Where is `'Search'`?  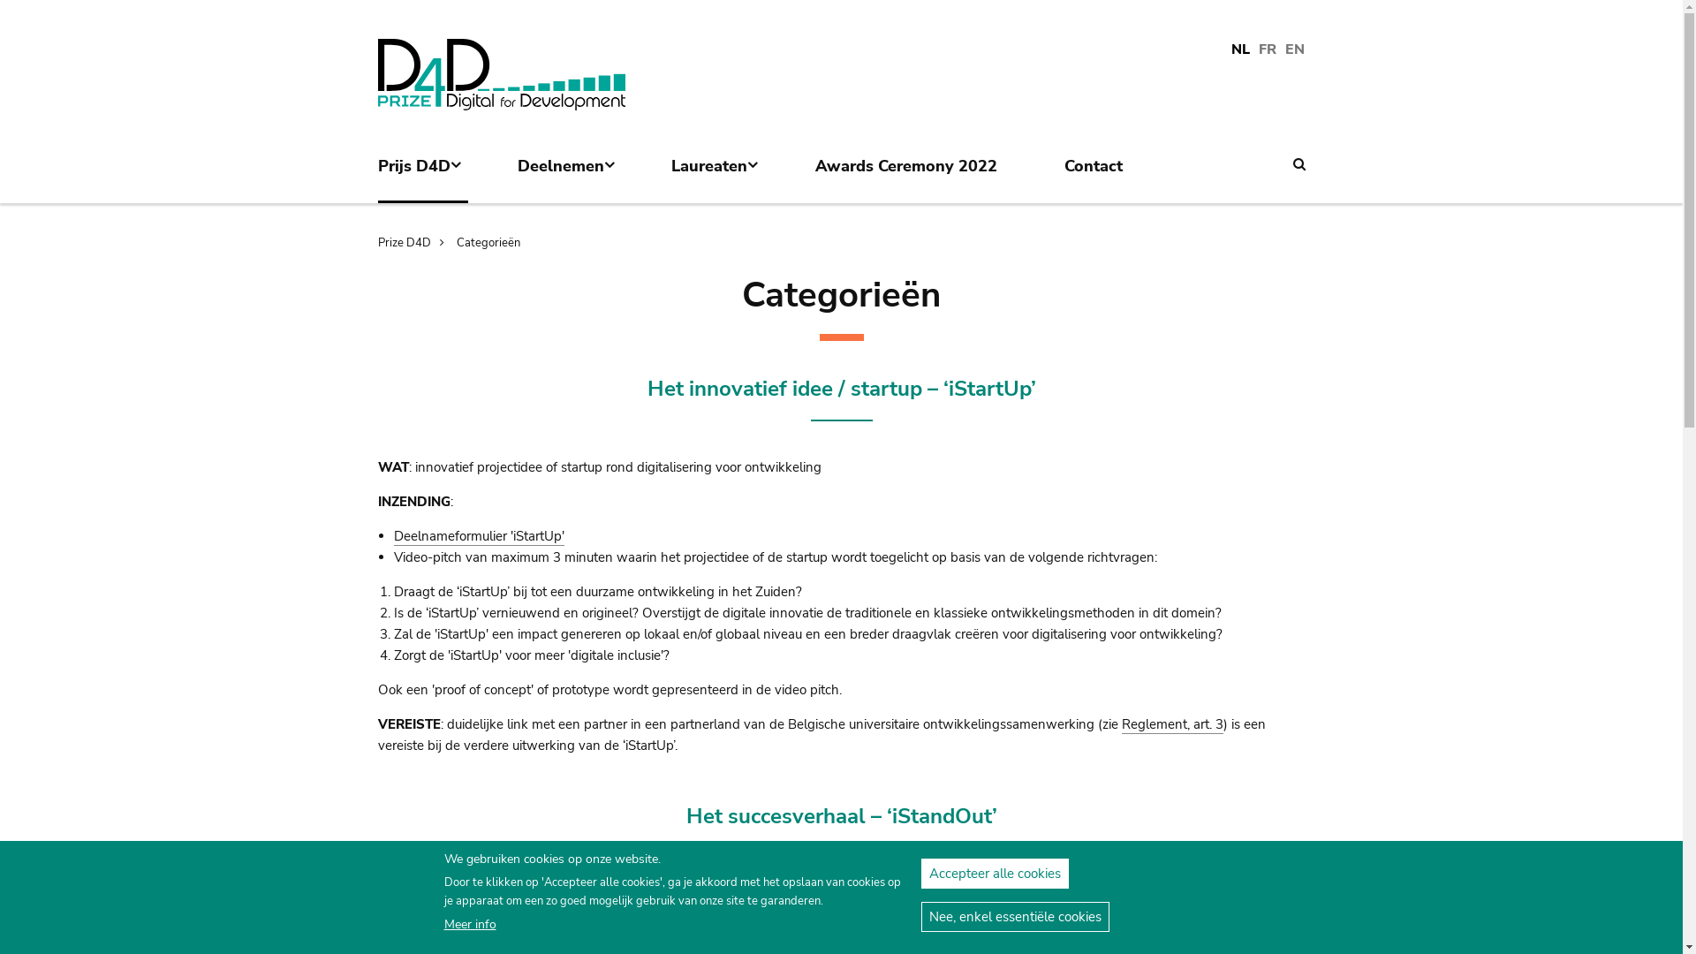 'Search' is located at coordinates (1298, 163).